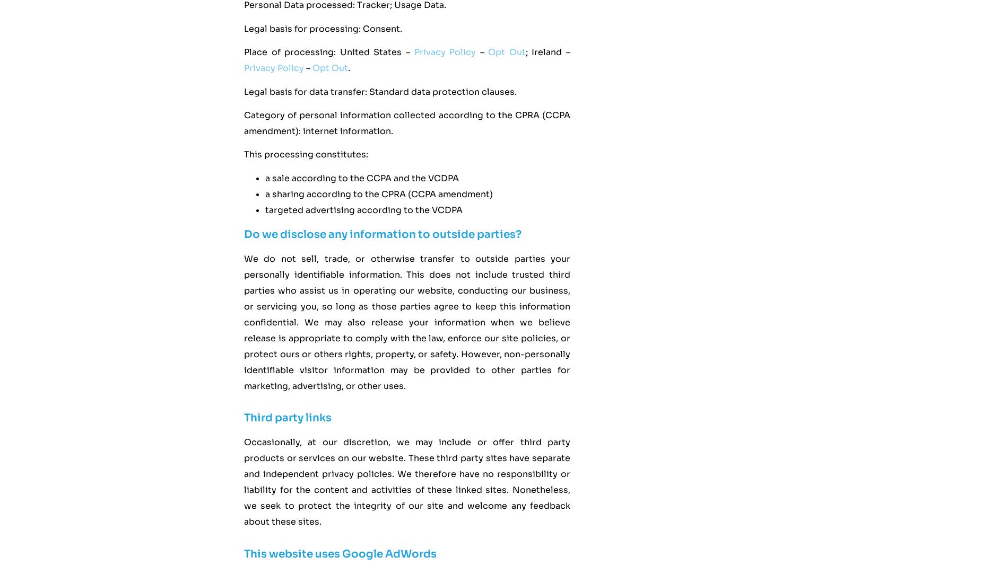 Image resolution: width=1008 pixels, height=566 pixels. What do you see at coordinates (323, 28) in the screenshot?
I see `'Legal basis for processing: Consent.'` at bounding box center [323, 28].